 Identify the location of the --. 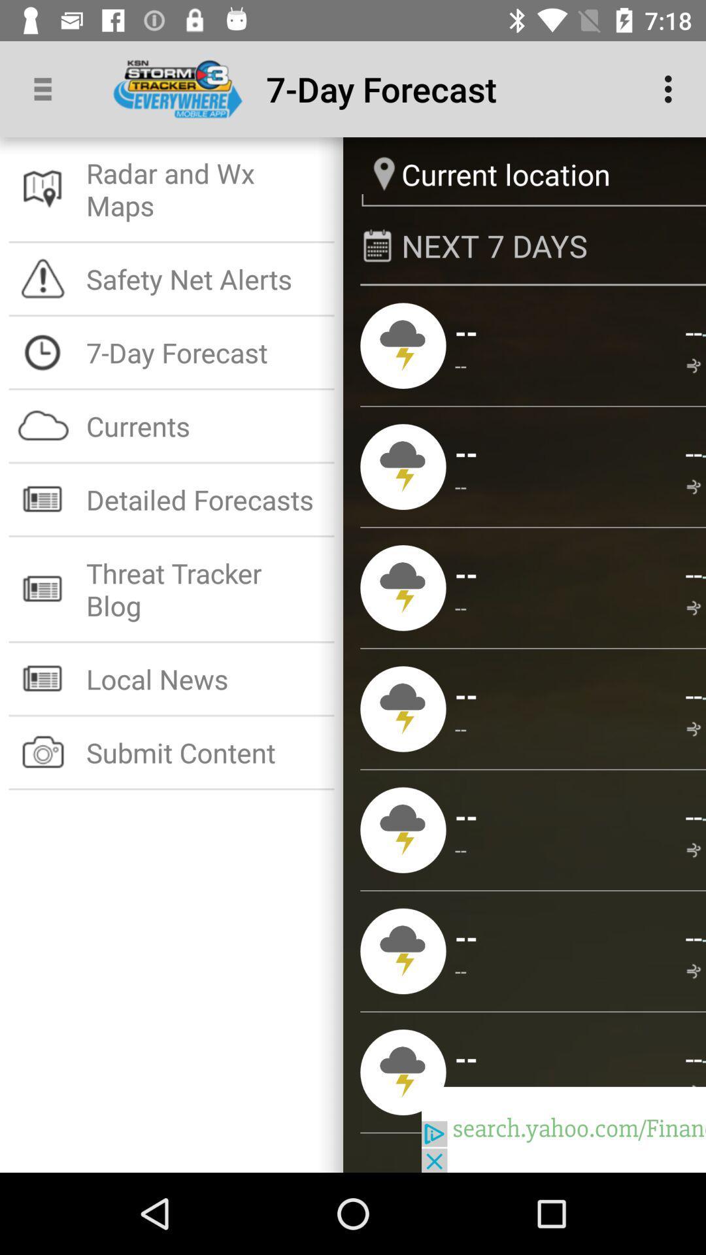
(703, 937).